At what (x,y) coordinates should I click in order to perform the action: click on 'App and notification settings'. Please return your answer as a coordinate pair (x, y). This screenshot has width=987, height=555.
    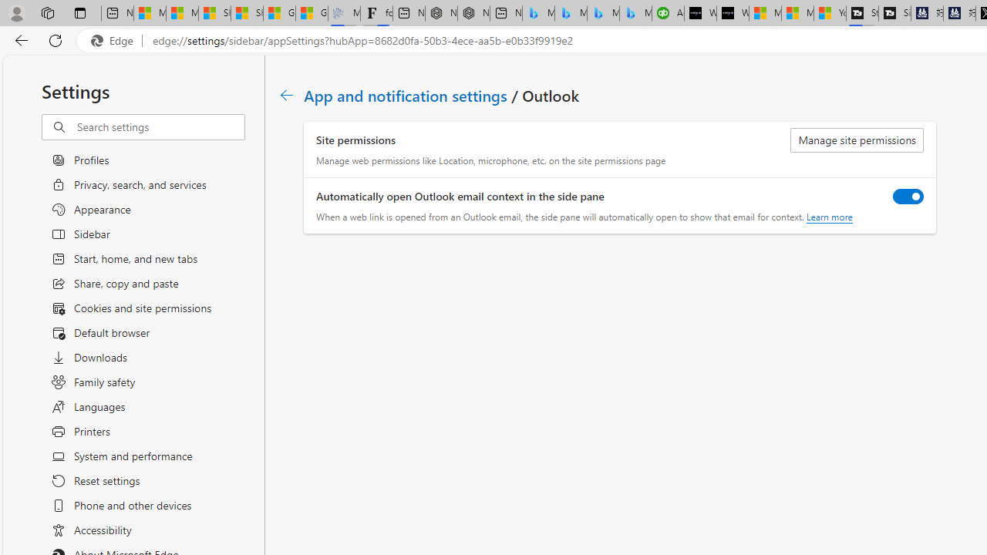
    Looking at the image, I should click on (406, 95).